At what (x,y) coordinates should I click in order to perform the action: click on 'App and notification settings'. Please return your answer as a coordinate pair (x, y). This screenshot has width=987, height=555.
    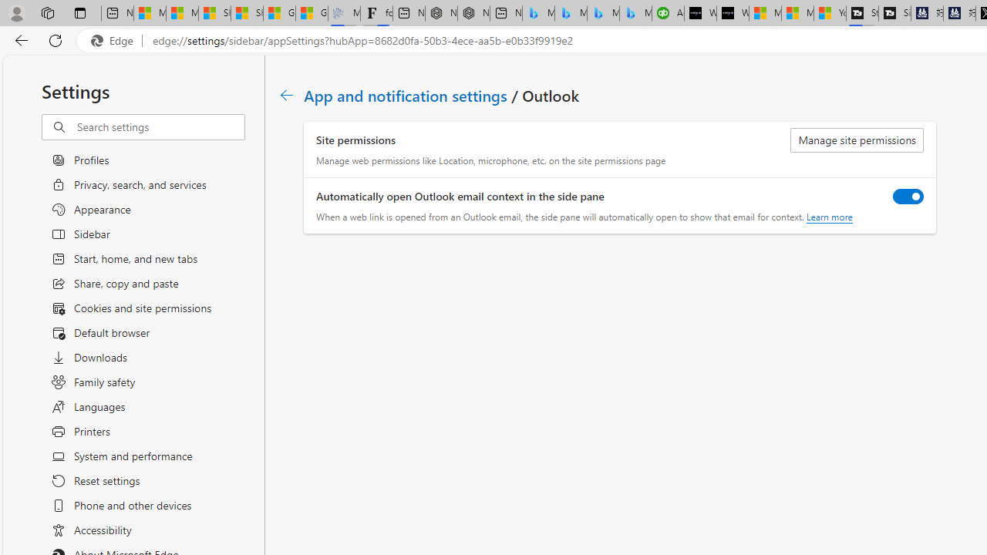
    Looking at the image, I should click on (406, 95).